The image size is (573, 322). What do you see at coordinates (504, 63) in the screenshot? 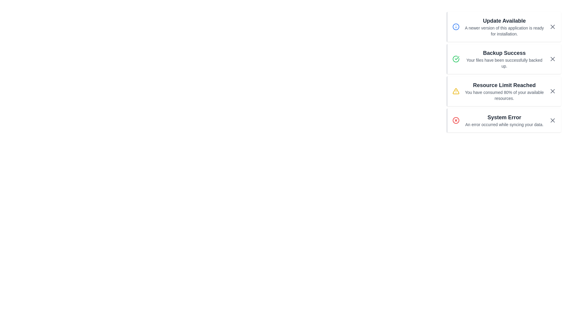
I see `the informational text label confirming the successful backup process, which is located within the 'Backup Success' notification card` at bounding box center [504, 63].